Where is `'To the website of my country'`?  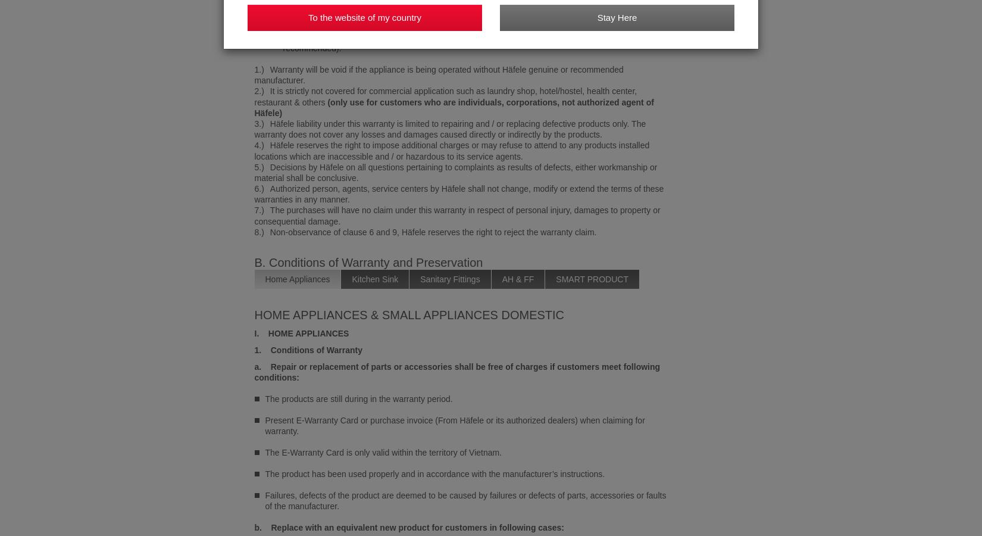 'To the website of my country' is located at coordinates (307, 17).